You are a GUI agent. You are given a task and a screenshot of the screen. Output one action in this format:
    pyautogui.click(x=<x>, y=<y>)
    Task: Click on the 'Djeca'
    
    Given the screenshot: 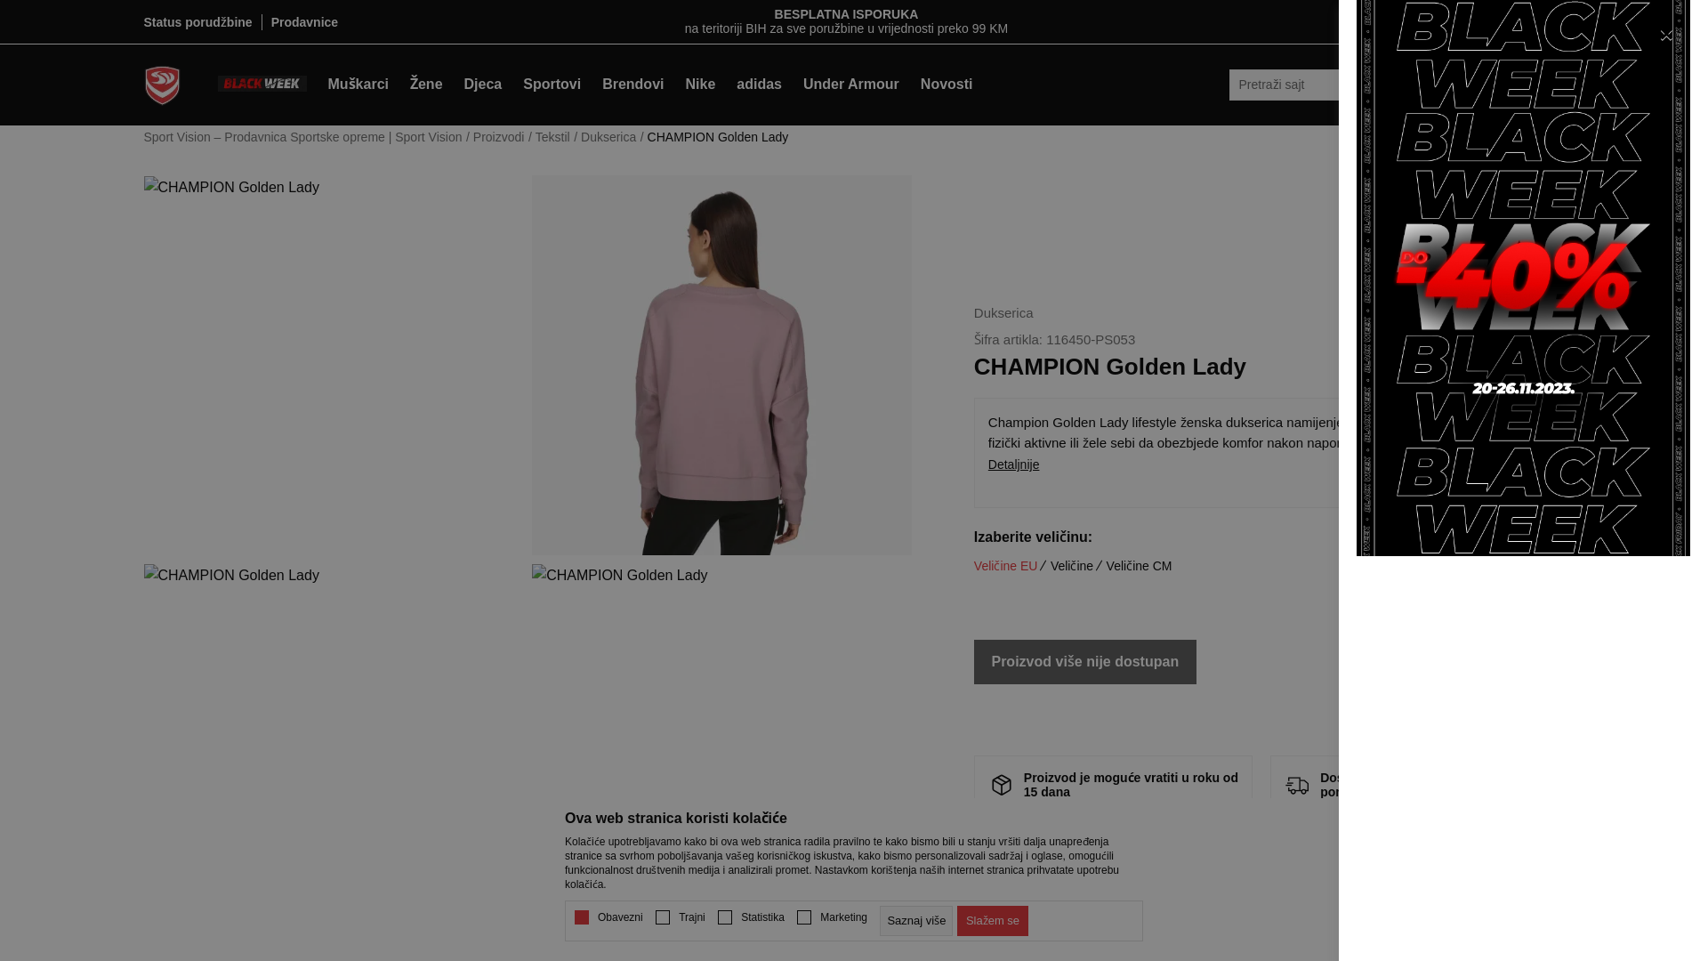 What is the action you would take?
    pyautogui.click(x=483, y=85)
    